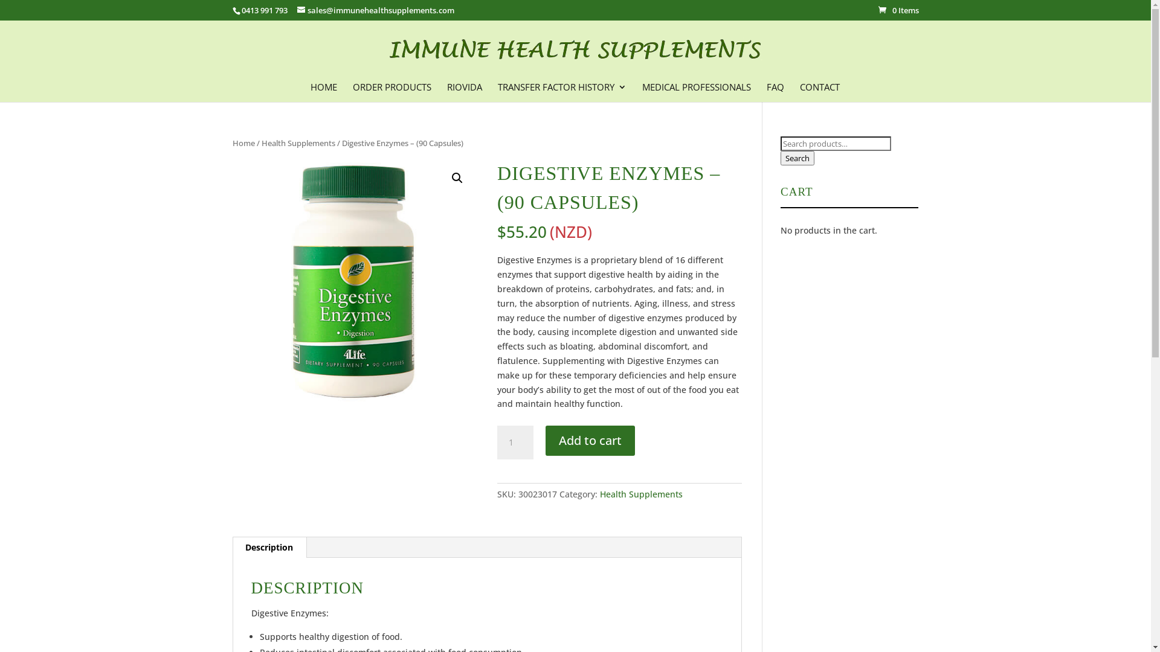 Image resolution: width=1160 pixels, height=652 pixels. What do you see at coordinates (775, 91) in the screenshot?
I see `'FAQ'` at bounding box center [775, 91].